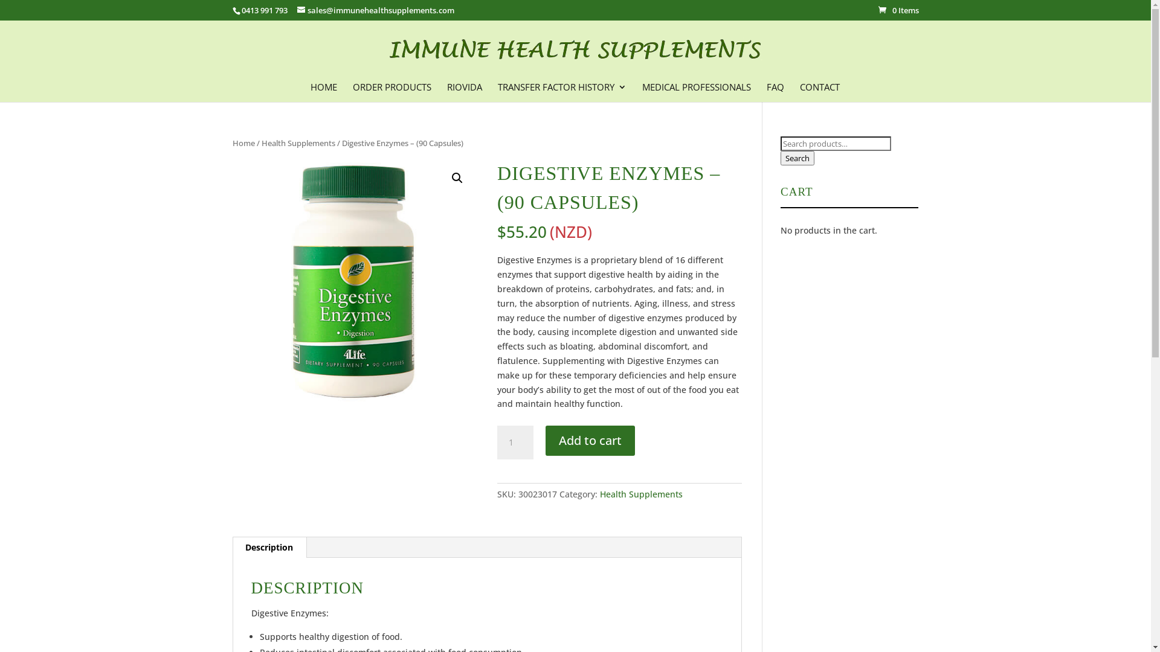 Image resolution: width=1160 pixels, height=652 pixels. What do you see at coordinates (775, 91) in the screenshot?
I see `'FAQ'` at bounding box center [775, 91].